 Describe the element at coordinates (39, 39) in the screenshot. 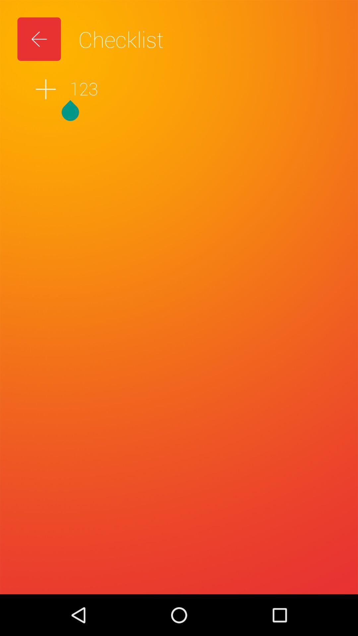

I see `icon next to the checklist` at that location.